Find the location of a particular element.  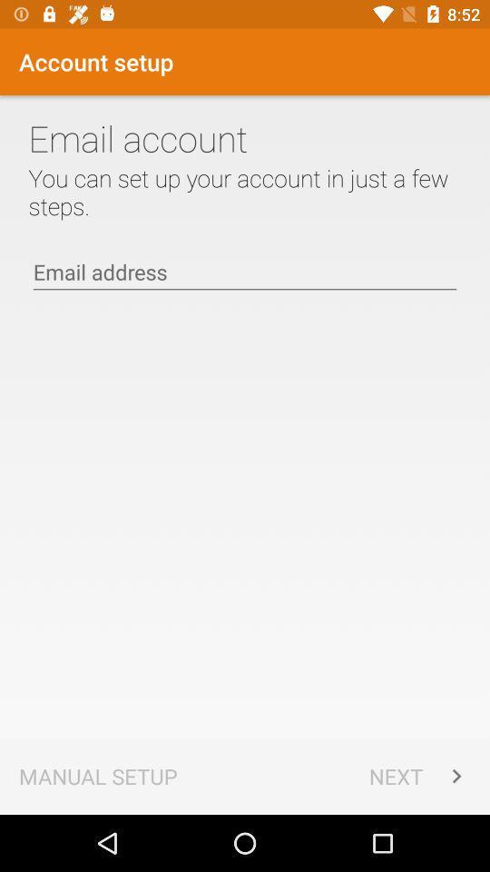

icon at the bottom left corner is located at coordinates (98, 775).